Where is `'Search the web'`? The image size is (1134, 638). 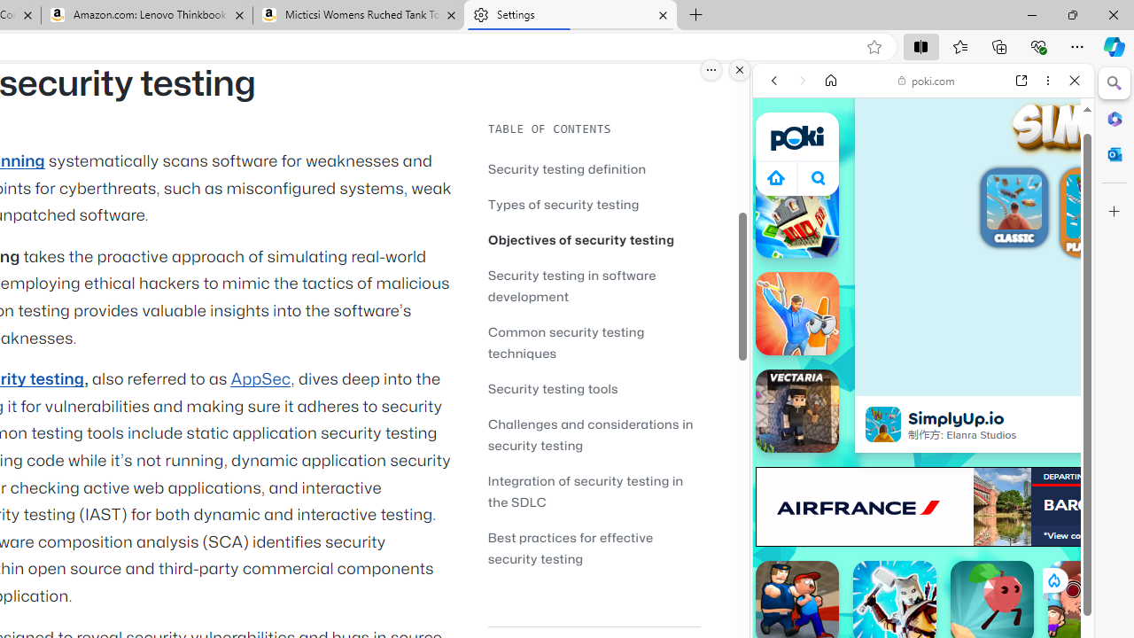
'Search the web' is located at coordinates (931, 121).